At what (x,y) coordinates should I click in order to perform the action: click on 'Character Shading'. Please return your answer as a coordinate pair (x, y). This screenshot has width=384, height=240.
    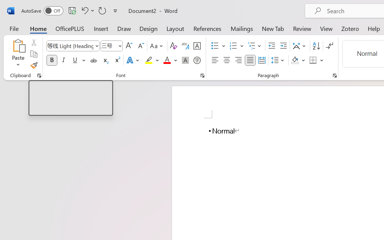
    Looking at the image, I should click on (185, 60).